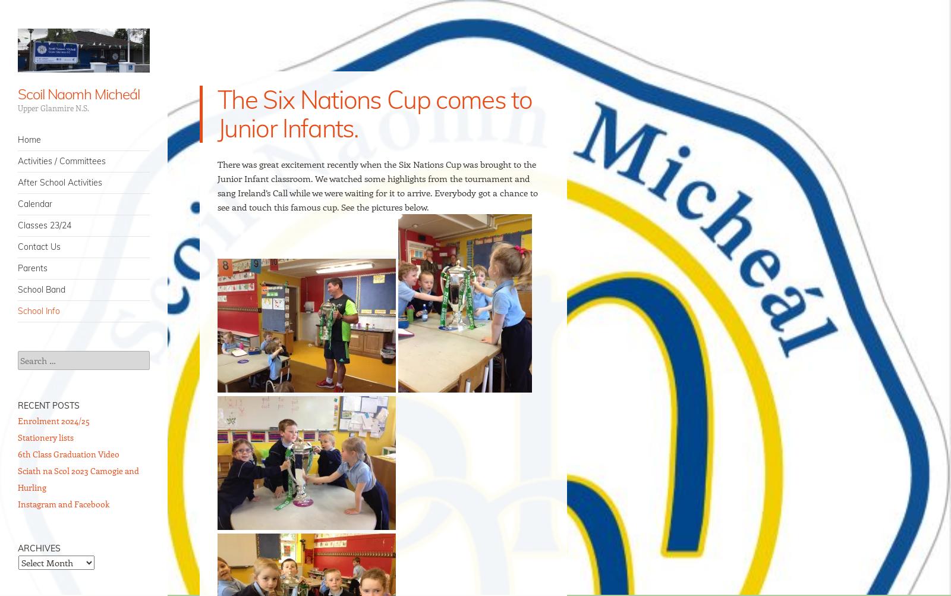  Describe the element at coordinates (17, 405) in the screenshot. I see `'Recent Posts'` at that location.